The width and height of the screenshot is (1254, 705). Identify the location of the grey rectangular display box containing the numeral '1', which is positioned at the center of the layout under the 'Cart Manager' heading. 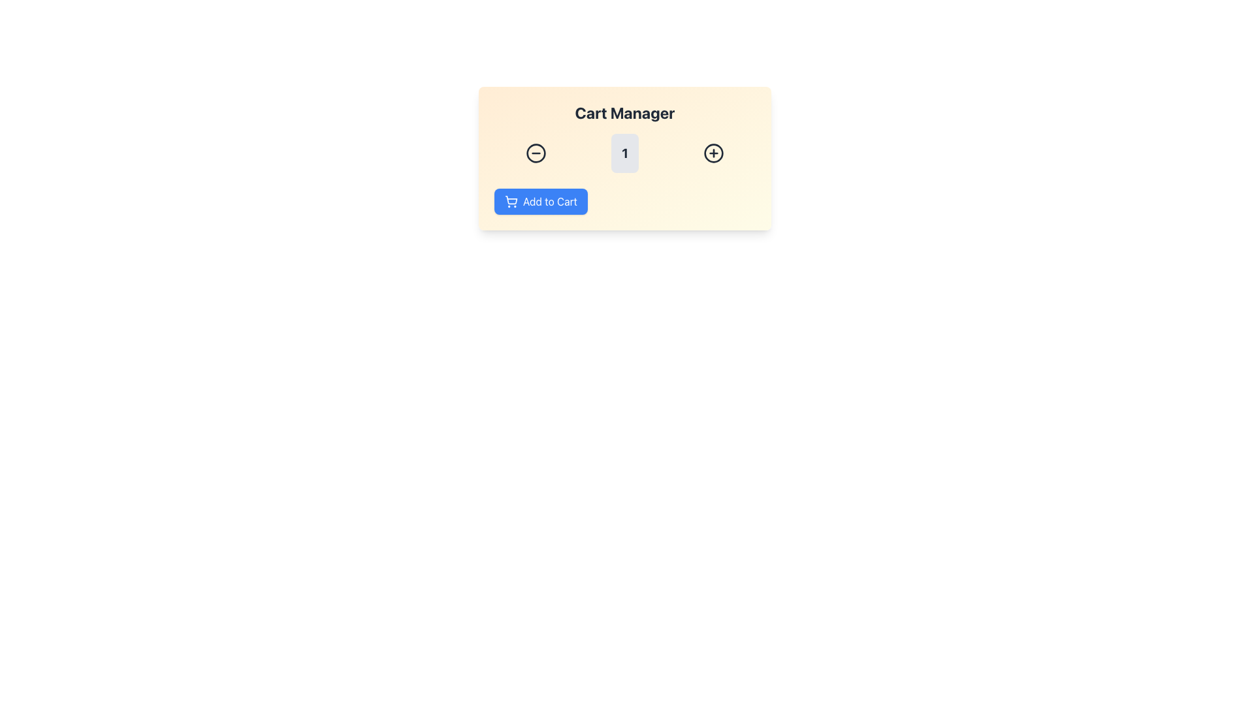
(624, 153).